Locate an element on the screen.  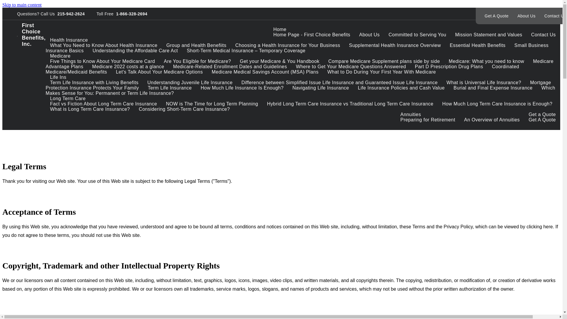
'Let's Talk About Your Medicare Options' is located at coordinates (159, 71).